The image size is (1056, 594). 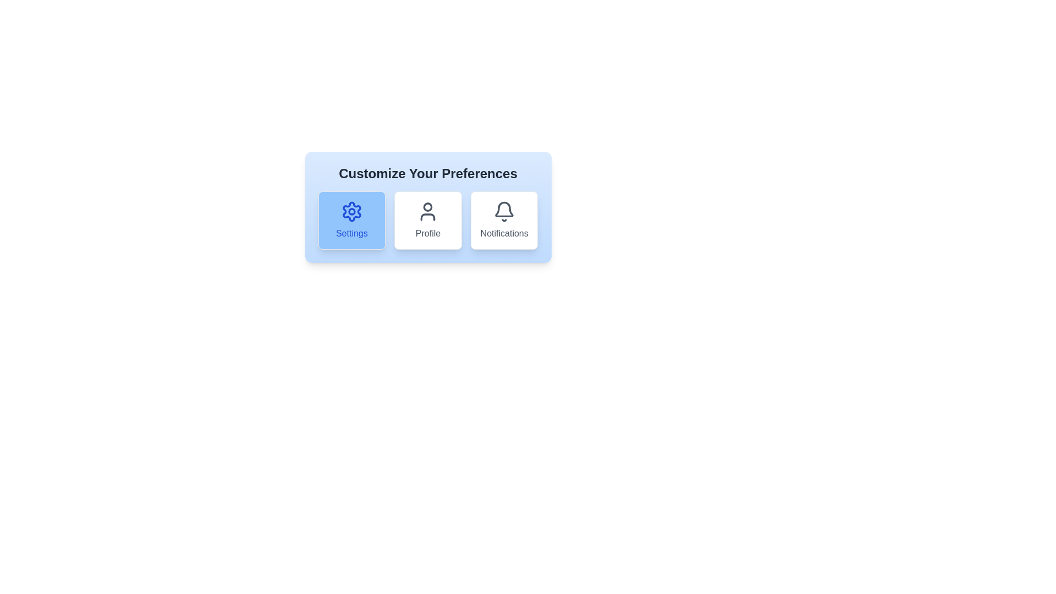 What do you see at coordinates (504, 221) in the screenshot?
I see `the third button labeled 'Notifications' in the row of buttons under 'Customize Your Preferences'` at bounding box center [504, 221].